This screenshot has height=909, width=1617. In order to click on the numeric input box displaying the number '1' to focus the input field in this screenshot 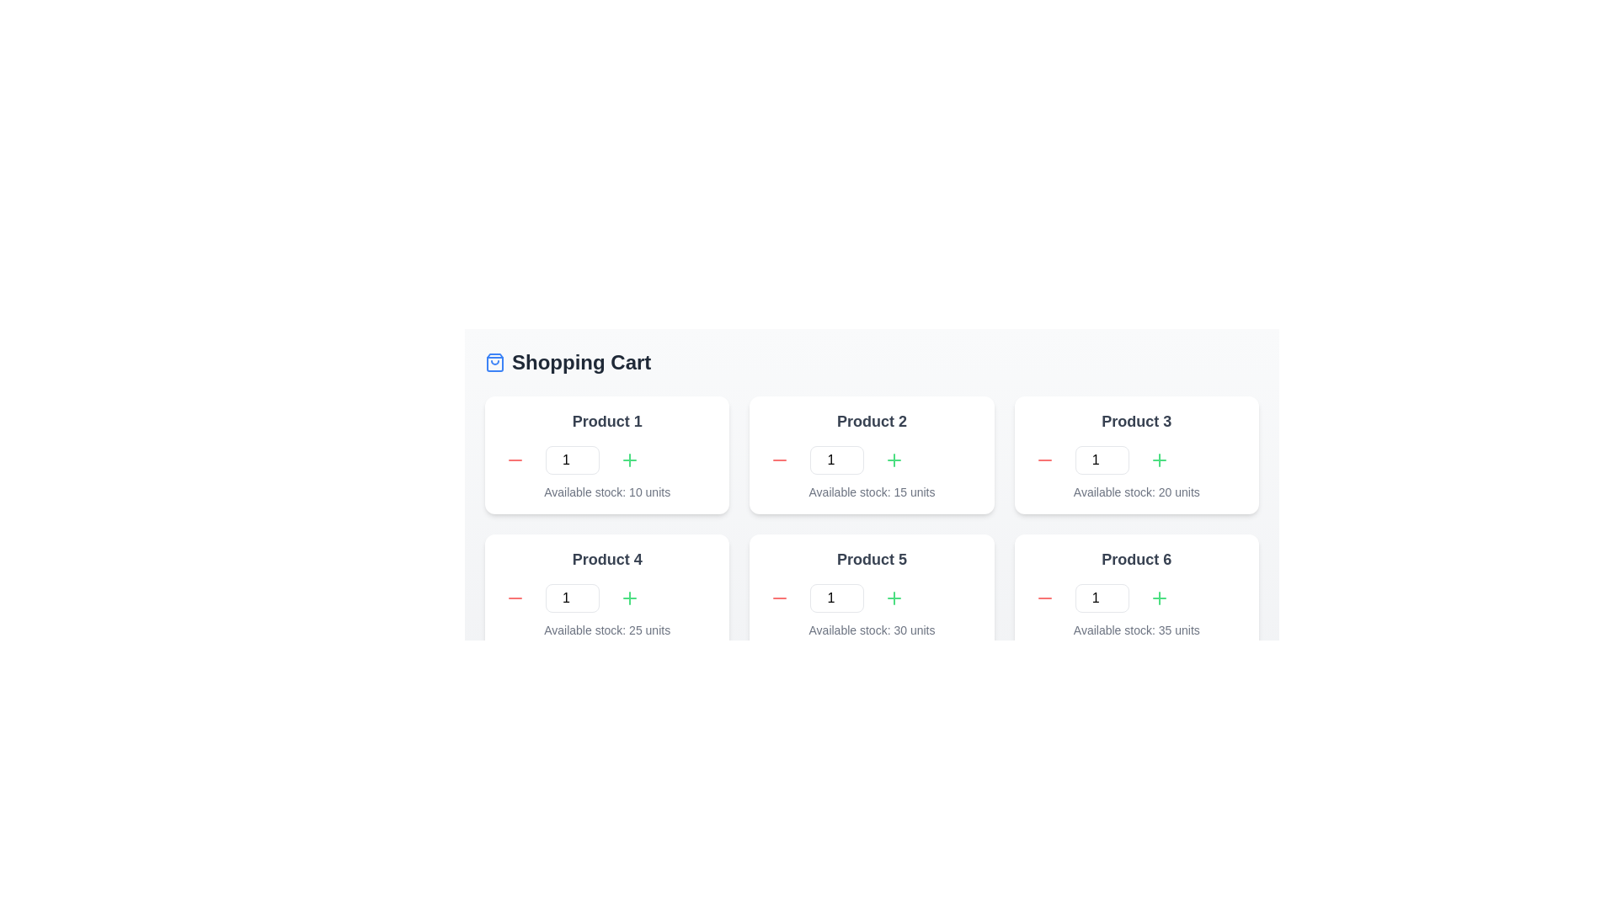, I will do `click(837, 597)`.